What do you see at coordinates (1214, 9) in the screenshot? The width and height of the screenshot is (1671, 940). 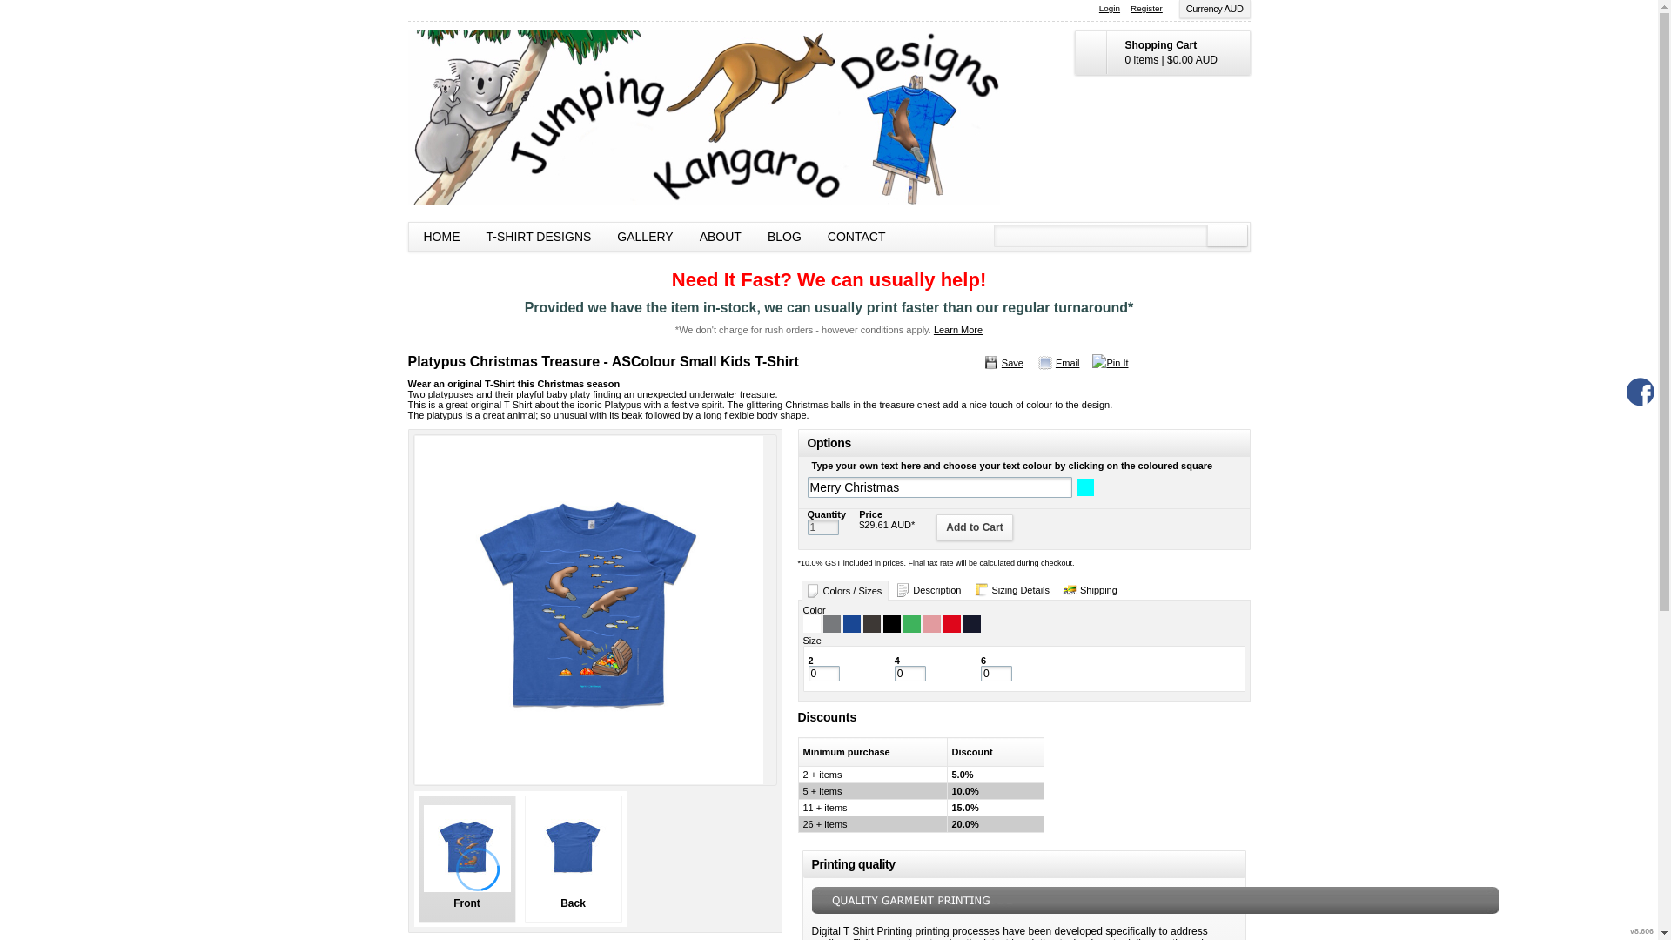 I see `'Currency AUD'` at bounding box center [1214, 9].